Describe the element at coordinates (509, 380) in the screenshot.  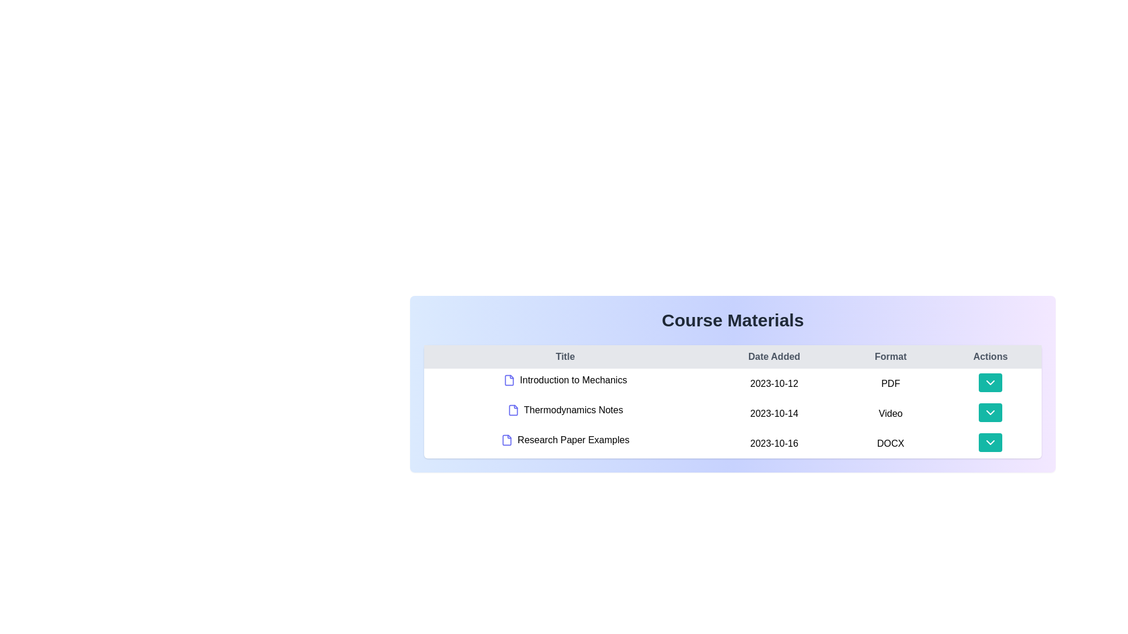
I see `the file icon represented by a blue rectangular shape with a dog-eared corner, located to the left of the text 'Introduction to Mechanics' in the first row of the content table under the 'Title' column` at that location.